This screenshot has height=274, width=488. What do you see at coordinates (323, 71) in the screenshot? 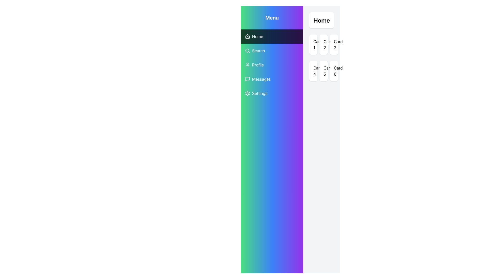
I see `the Card element labeled 'Card 5', which is a rectangular card with rounded corners and a white background located in the second row and second column of a grid layout` at bounding box center [323, 71].